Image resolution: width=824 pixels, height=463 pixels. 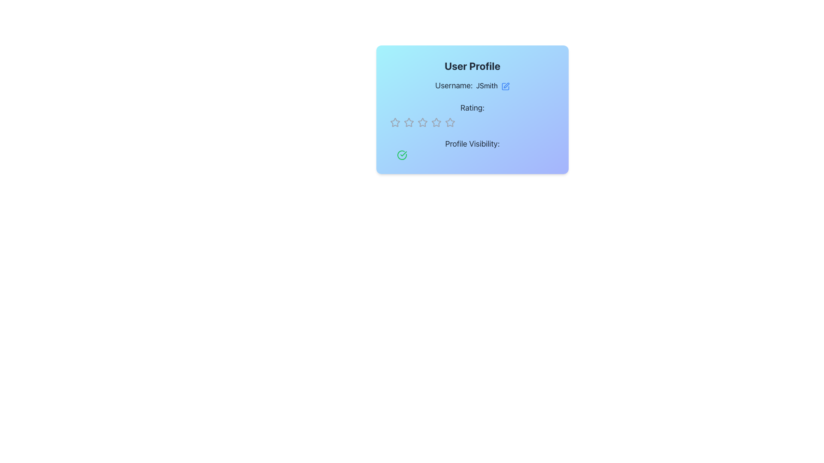 What do you see at coordinates (394, 122) in the screenshot?
I see `the first star icon in the rating system located below the 'Rating:' label in the 'User Profile' section to provide a rating` at bounding box center [394, 122].